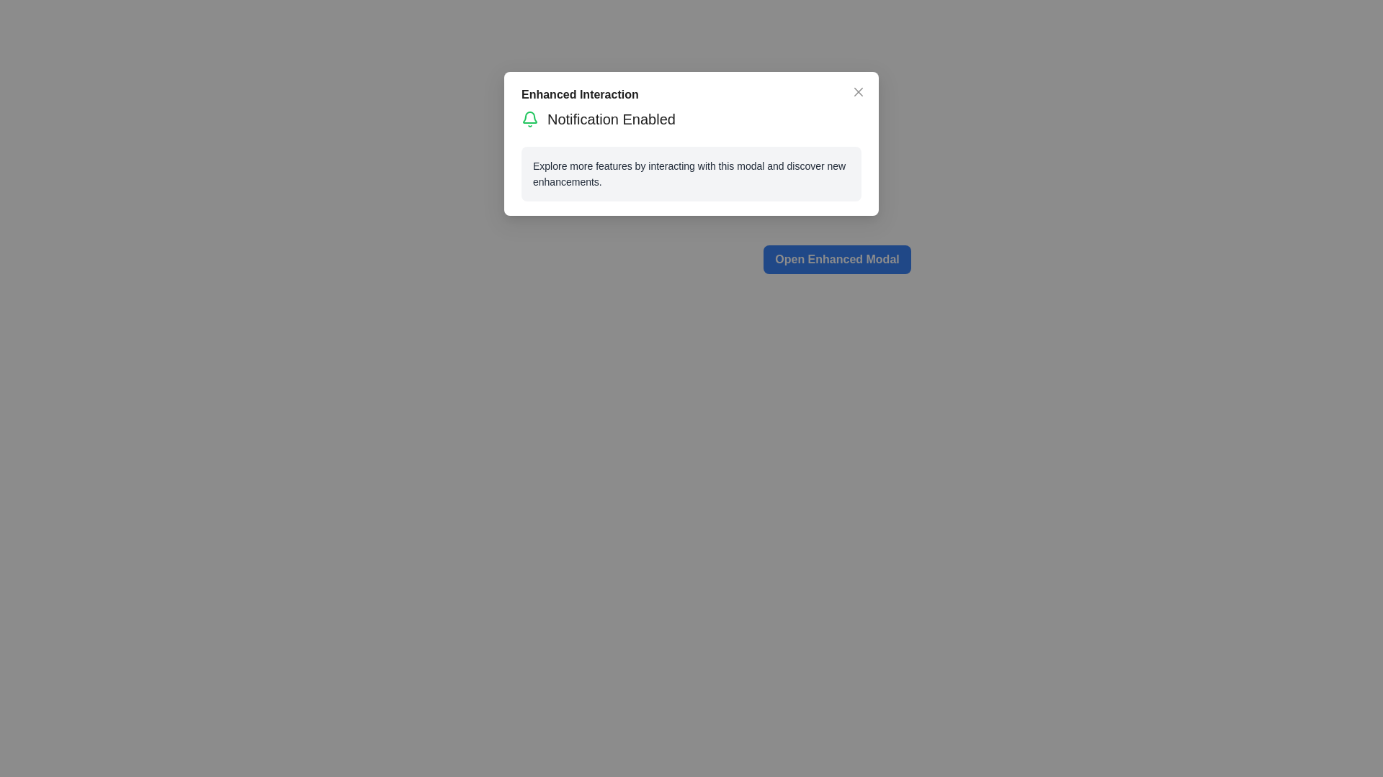 The image size is (1383, 777). What do you see at coordinates (837, 260) in the screenshot?
I see `the rectangular button with a bold blue background and the text 'Open Enhanced Modal'` at bounding box center [837, 260].